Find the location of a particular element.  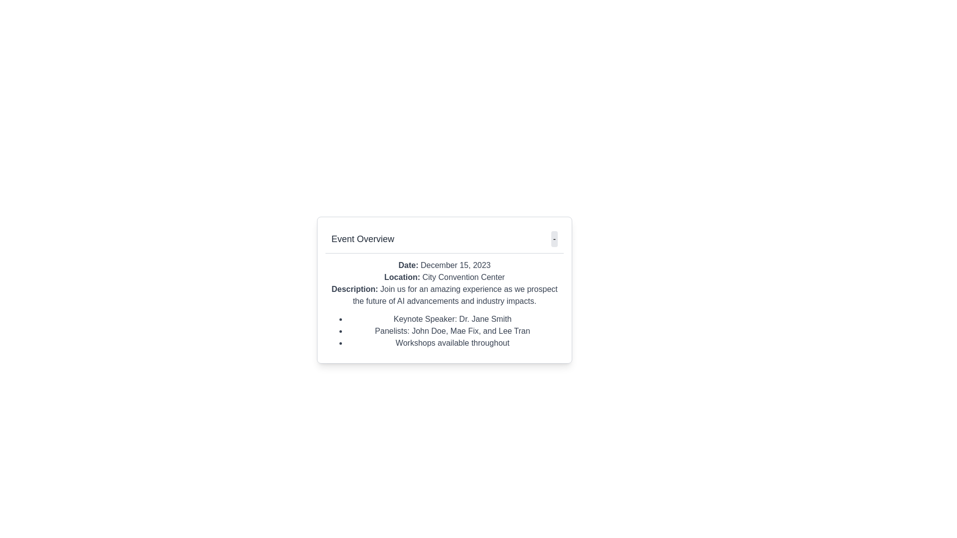

text from the Text Label located in the 'Event Overview' section, positioned below the 'Date:' field and above the description text is located at coordinates (402, 277).